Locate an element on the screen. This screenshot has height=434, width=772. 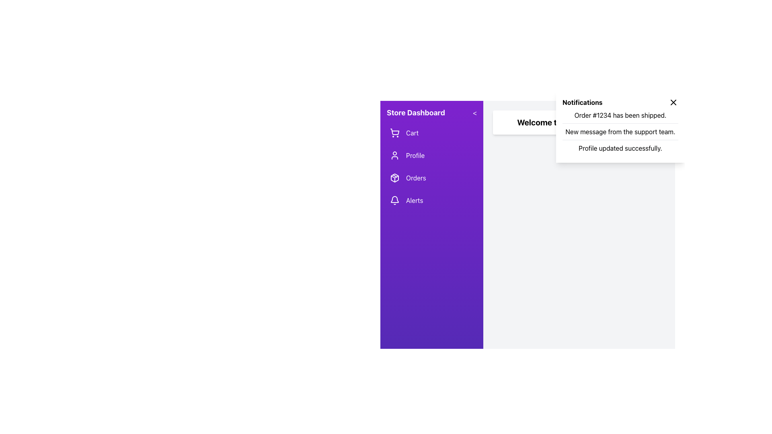
the user icon in the 'Profile' entry of the vertical navigation menu, located above the text 'Profile' is located at coordinates (395, 155).